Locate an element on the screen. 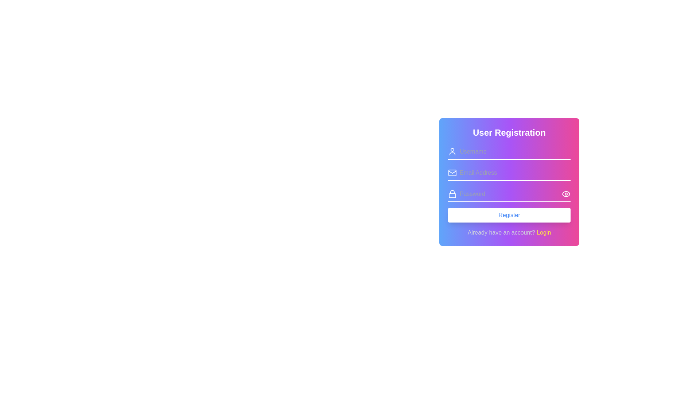 The height and width of the screenshot is (394, 700). the eye visibility toggle icon located to the far-right of the password input field is located at coordinates (566, 194).